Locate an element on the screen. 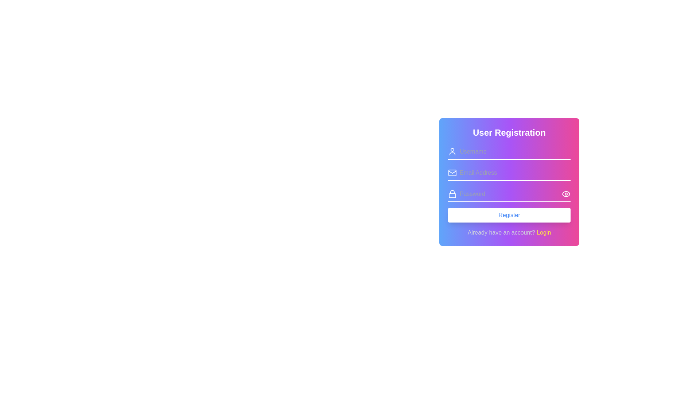 The height and width of the screenshot is (394, 700). the eye visibility toggle icon located to the far-right of the password input field is located at coordinates (566, 194).